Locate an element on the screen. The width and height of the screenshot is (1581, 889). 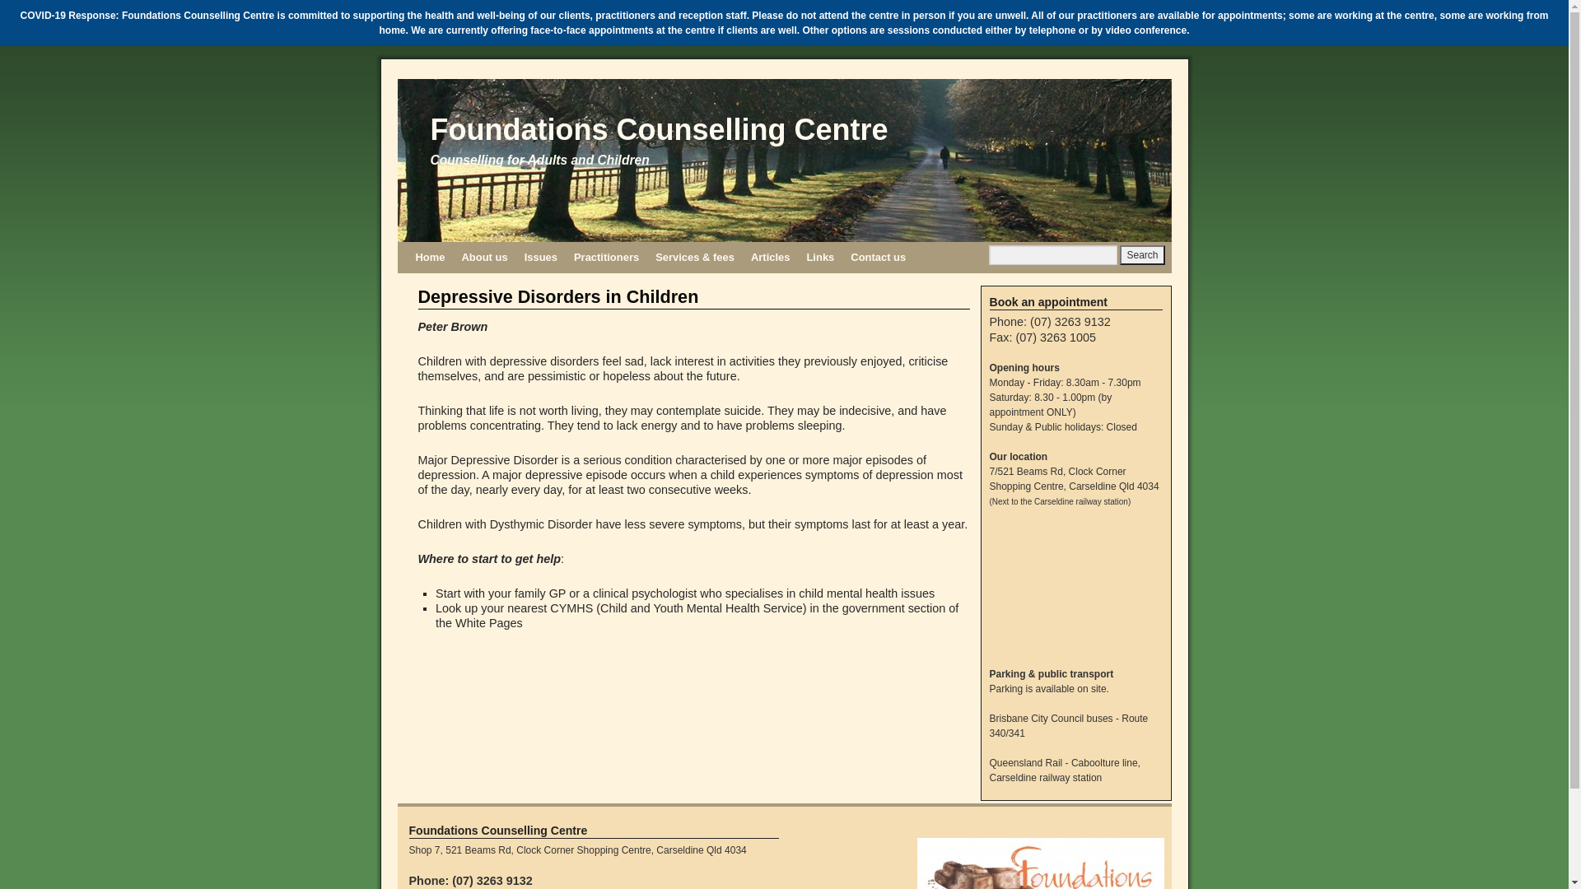
'Issues' is located at coordinates (541, 257).